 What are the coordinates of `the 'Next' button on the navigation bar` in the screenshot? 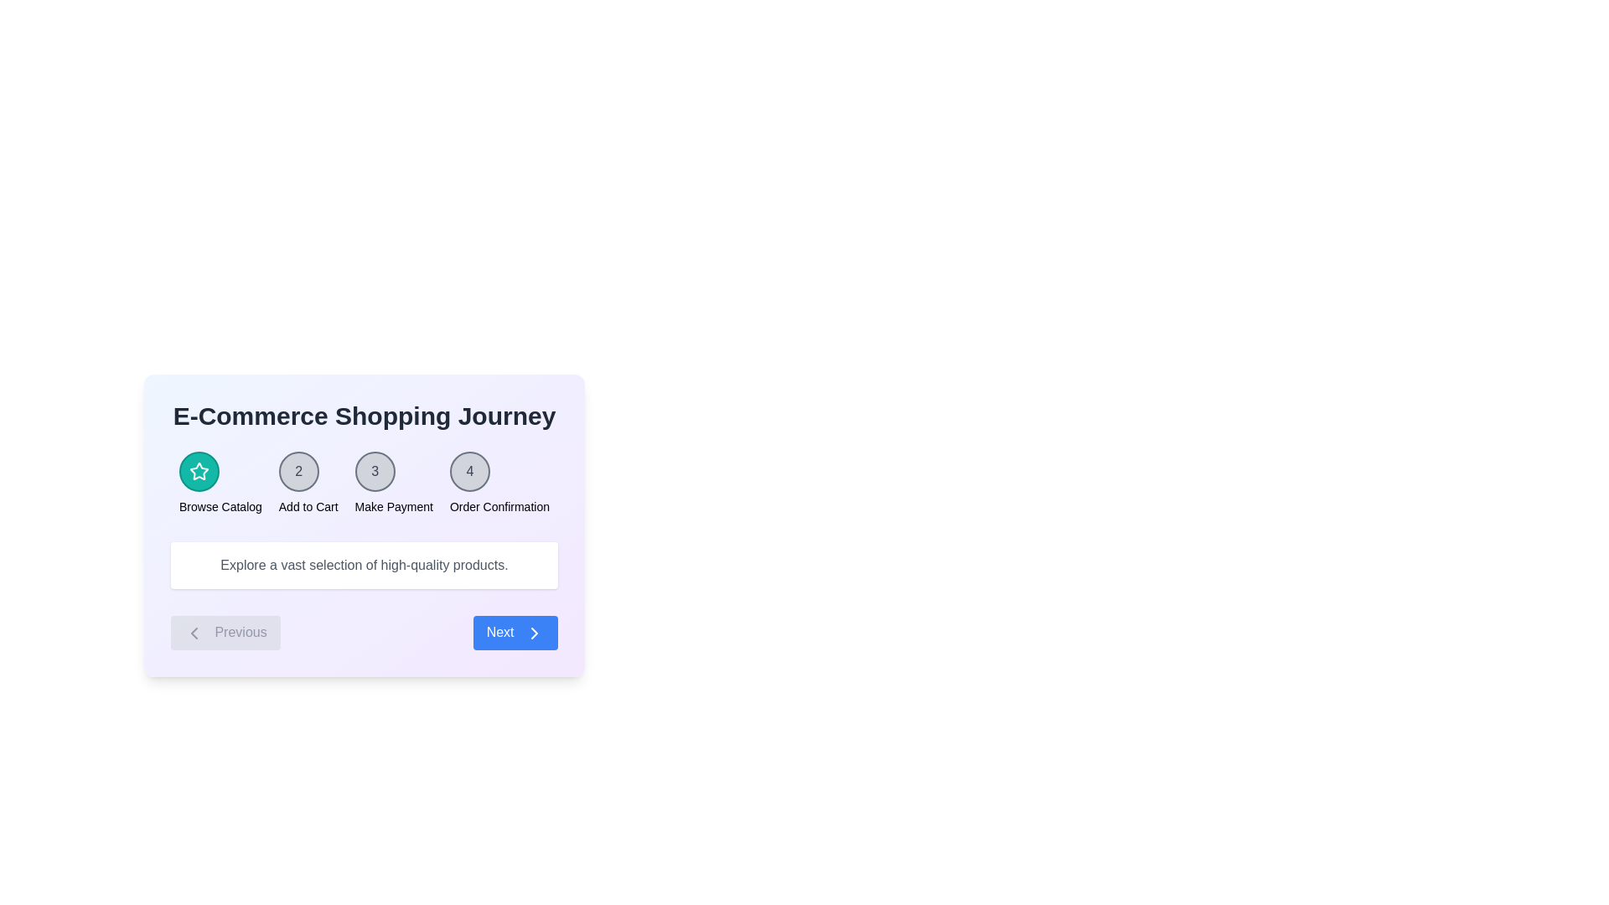 It's located at (364, 633).